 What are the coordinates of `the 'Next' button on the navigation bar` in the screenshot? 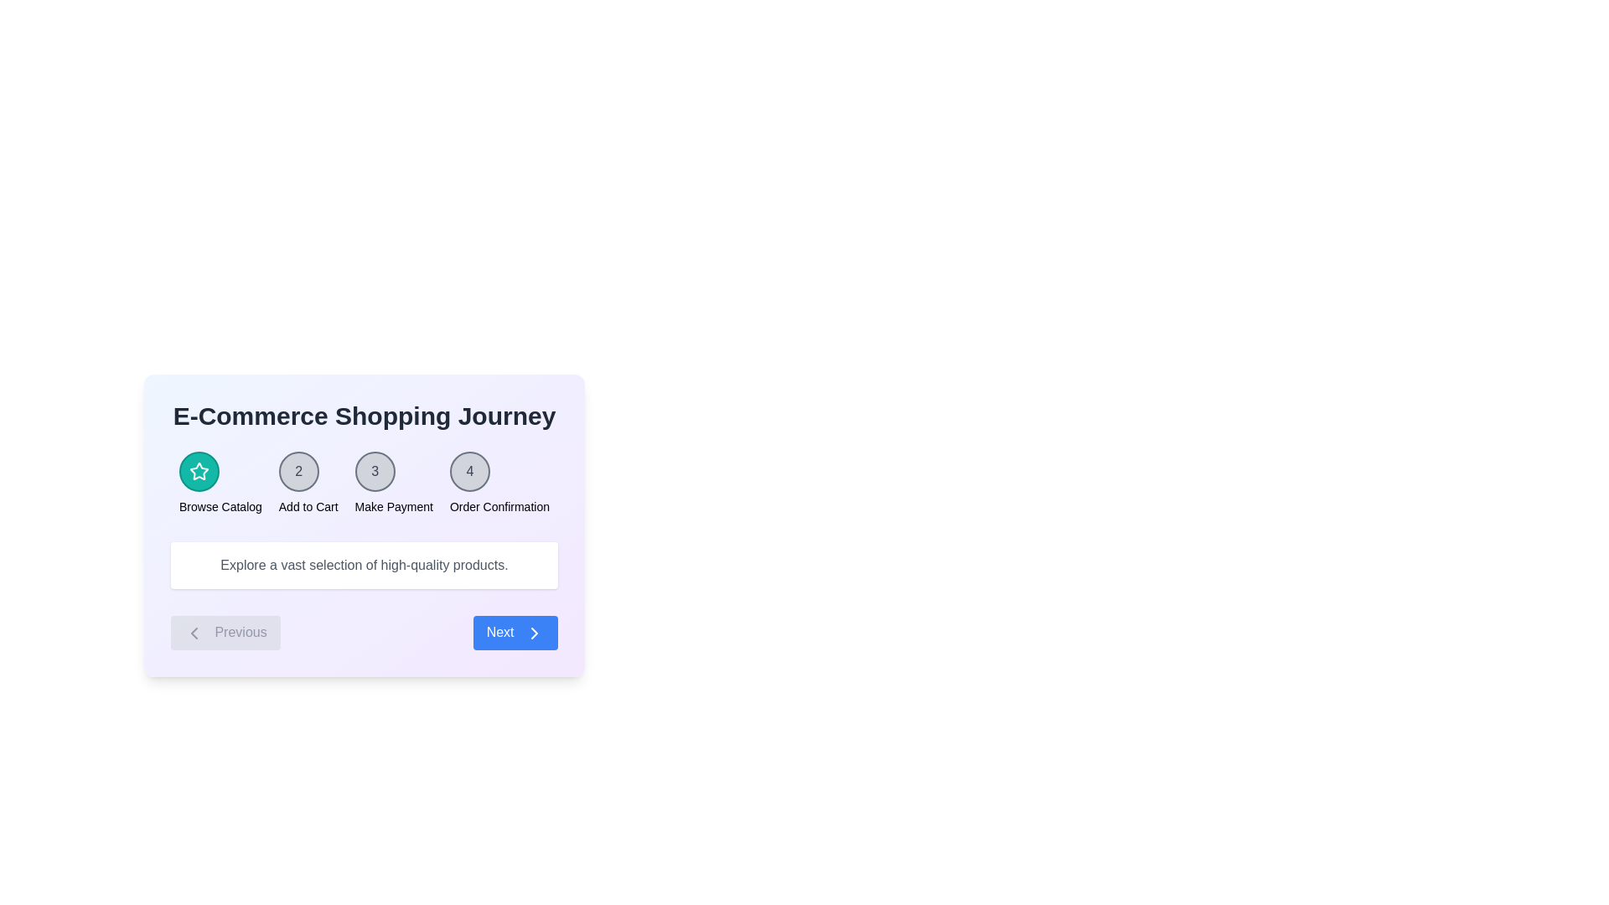 It's located at (364, 633).